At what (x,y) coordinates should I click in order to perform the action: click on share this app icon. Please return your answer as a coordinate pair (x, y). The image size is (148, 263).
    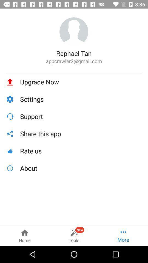
    Looking at the image, I should click on (81, 133).